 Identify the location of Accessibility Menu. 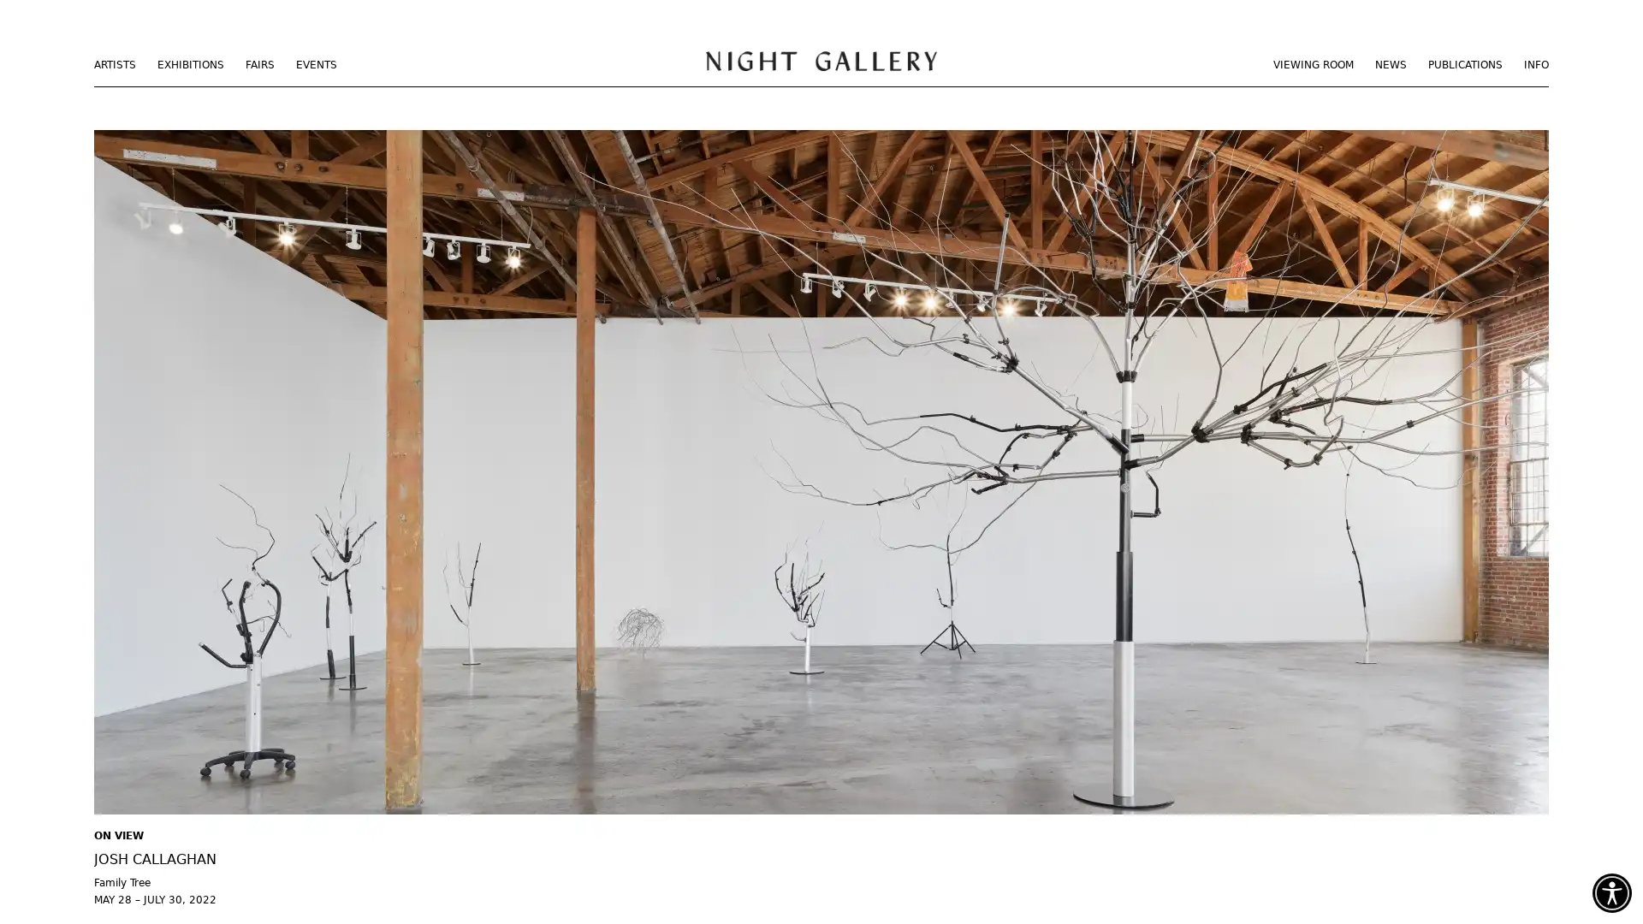
(1610, 892).